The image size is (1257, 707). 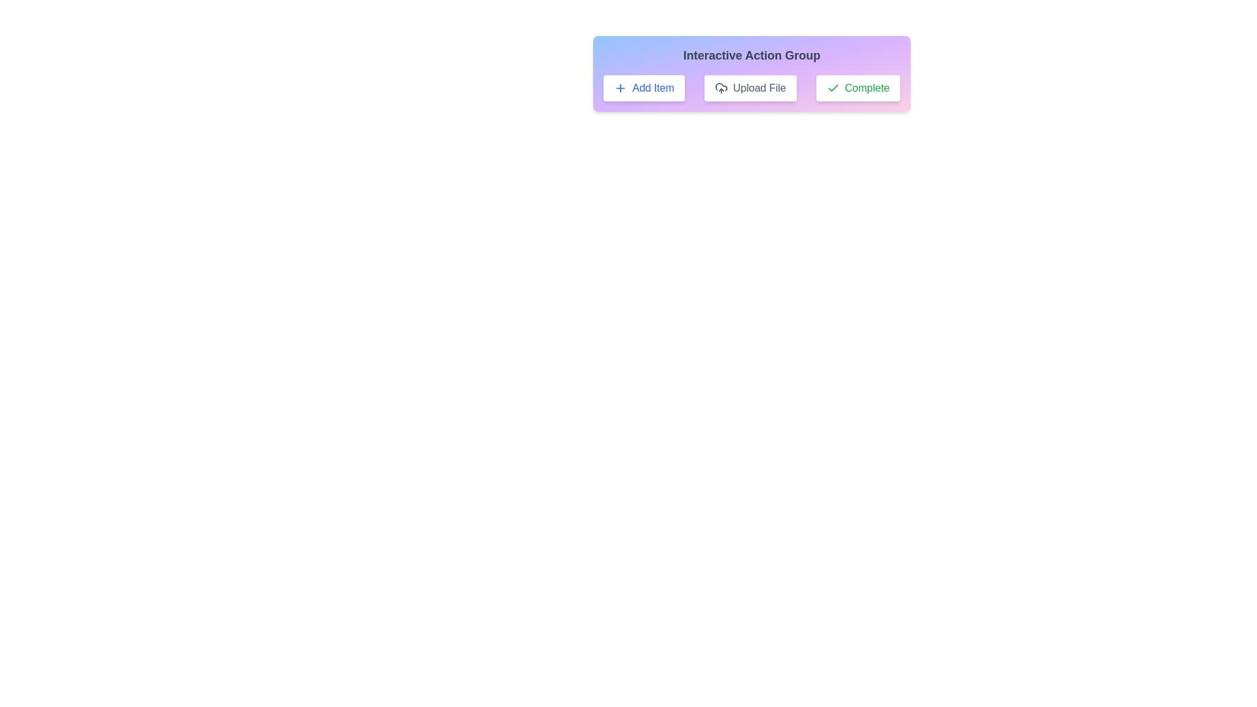 I want to click on the 'Add Item' button located as the leftmost button in a horizontal layout of three action buttons, so click(x=644, y=88).